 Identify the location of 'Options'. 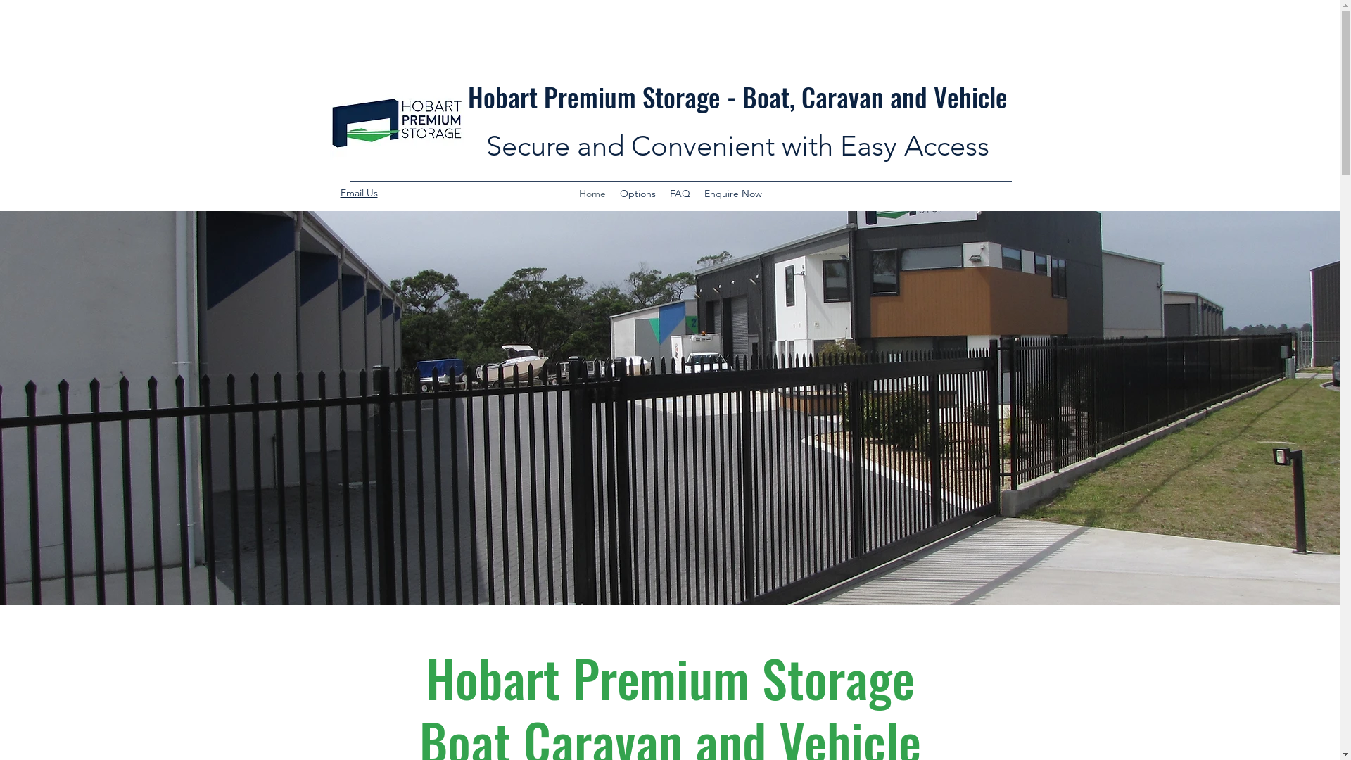
(636, 193).